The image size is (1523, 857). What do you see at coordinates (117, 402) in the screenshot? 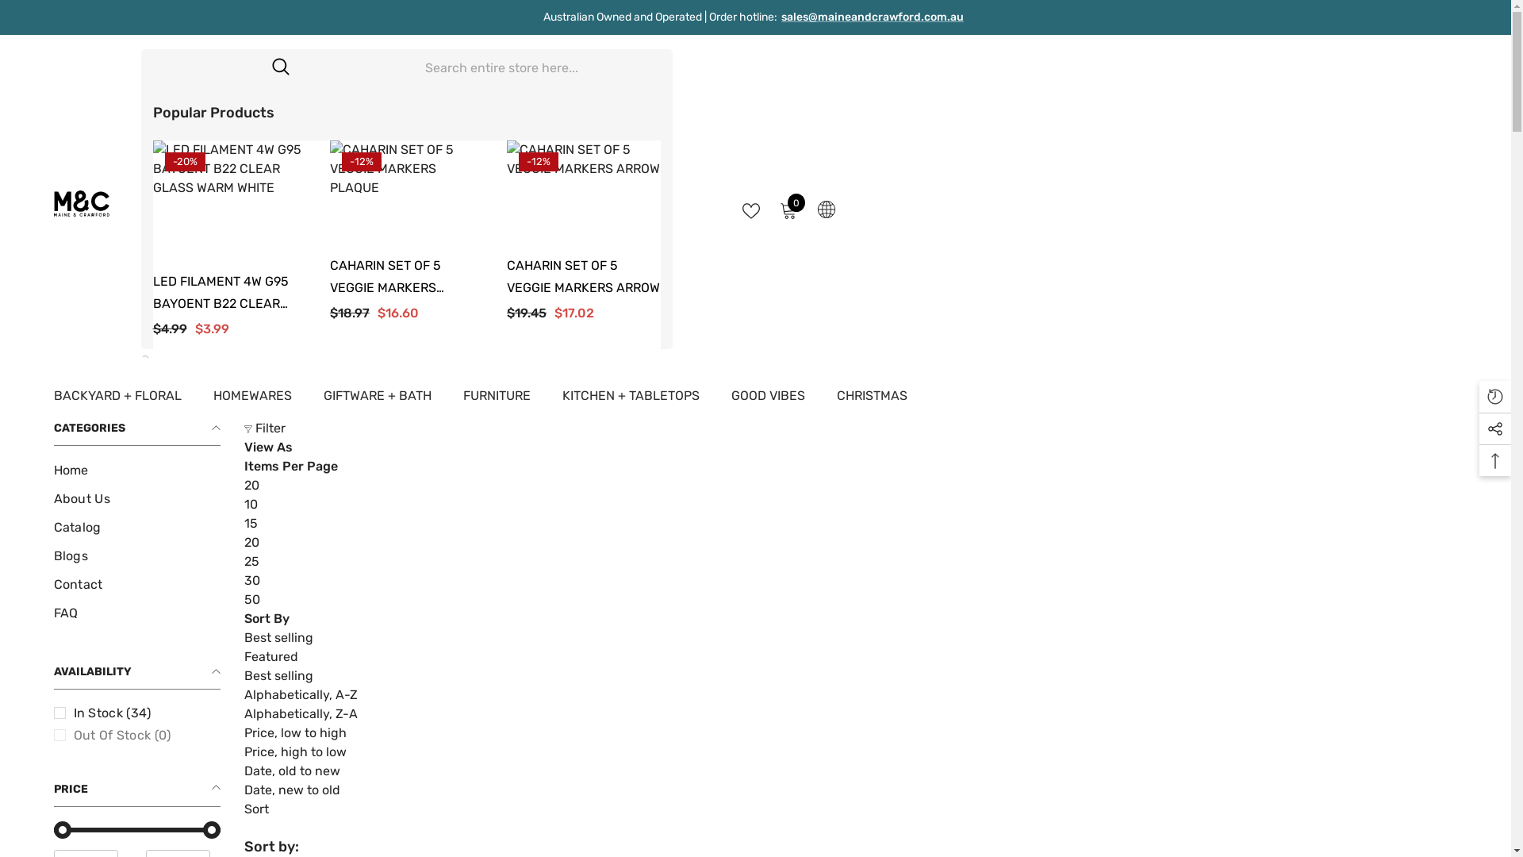
I see `'BACKYARD + FLORAL'` at bounding box center [117, 402].